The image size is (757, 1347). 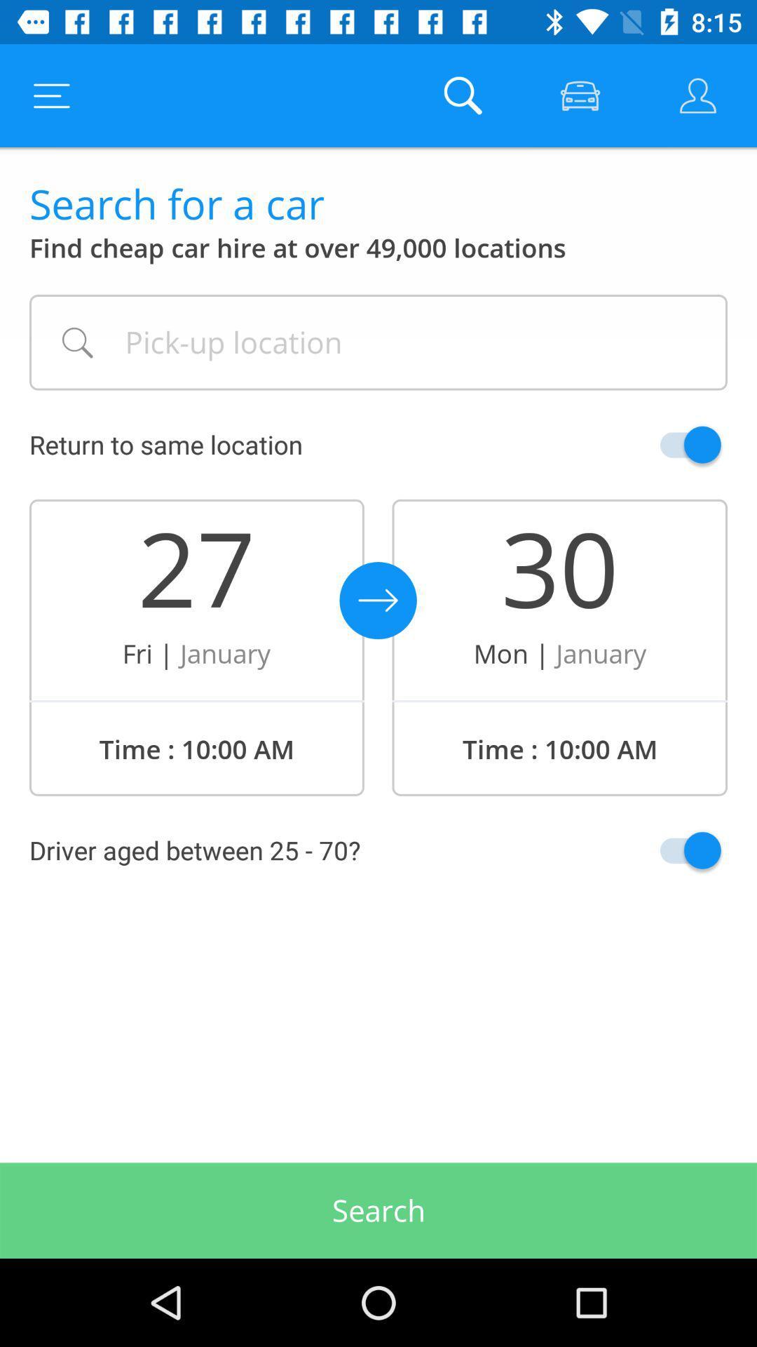 I want to click on switch return to same location option, so click(x=657, y=444).